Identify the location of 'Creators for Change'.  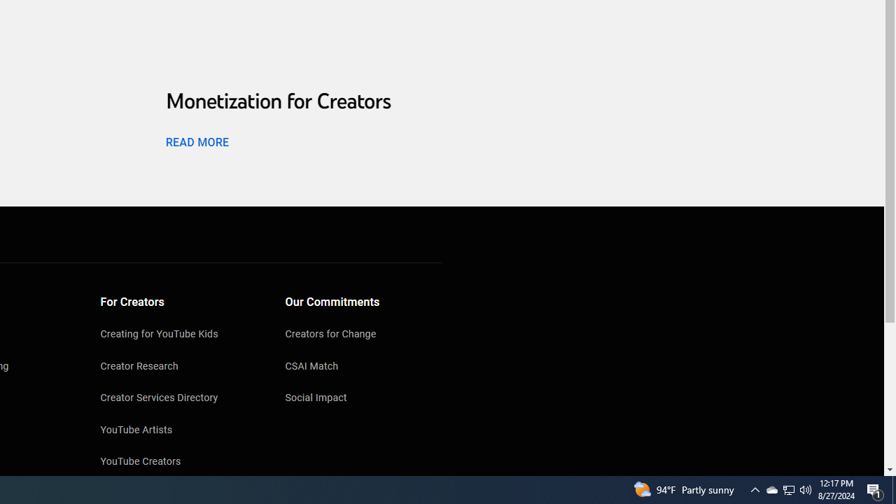
(363, 335).